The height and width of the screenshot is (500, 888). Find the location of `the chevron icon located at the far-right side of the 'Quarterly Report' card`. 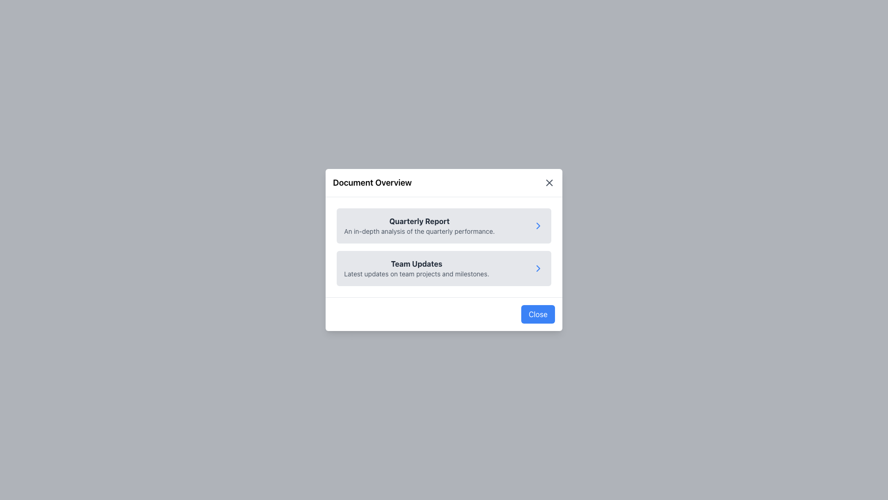

the chevron icon located at the far-right side of the 'Quarterly Report' card is located at coordinates (538, 226).